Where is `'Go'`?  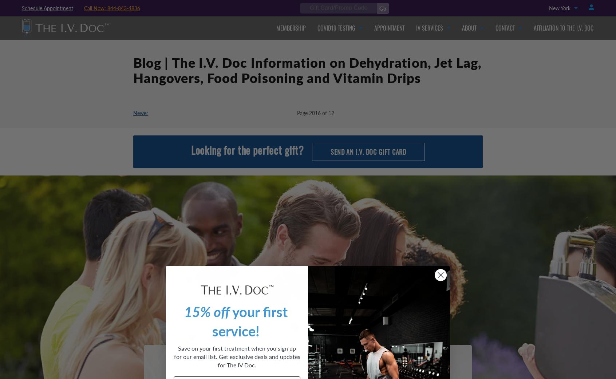
'Go' is located at coordinates (382, 8).